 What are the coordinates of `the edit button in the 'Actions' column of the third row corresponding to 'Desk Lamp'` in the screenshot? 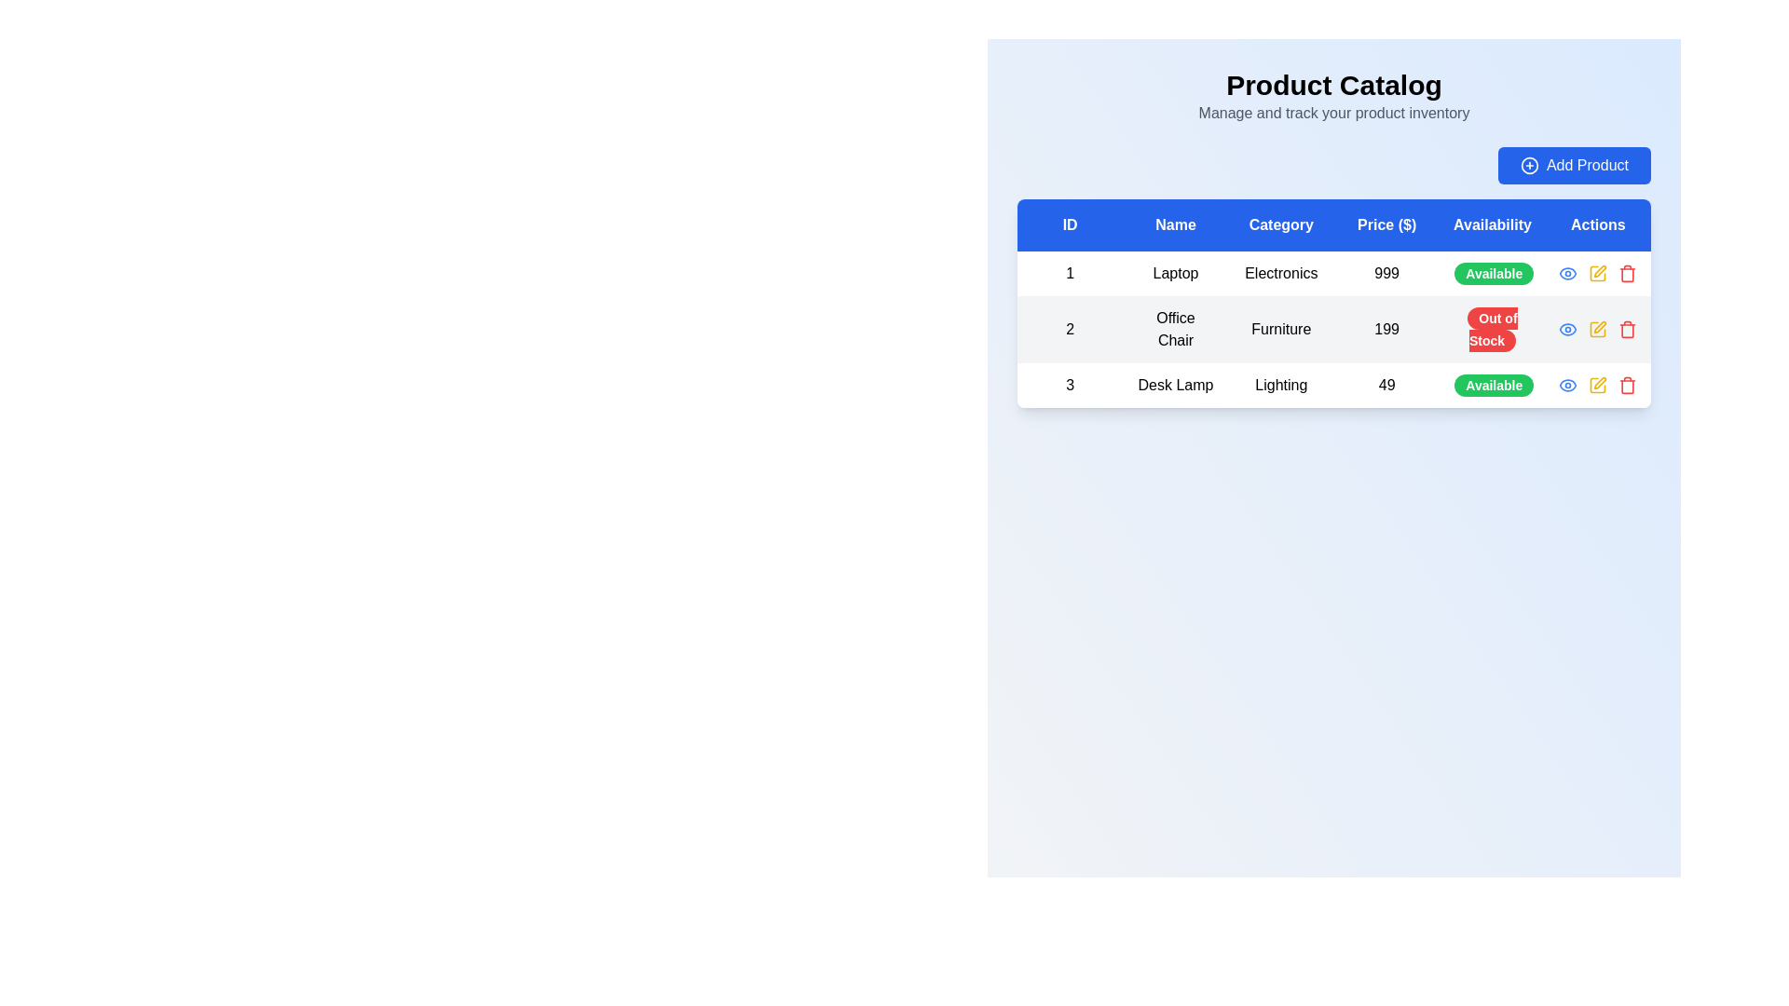 It's located at (1597, 384).